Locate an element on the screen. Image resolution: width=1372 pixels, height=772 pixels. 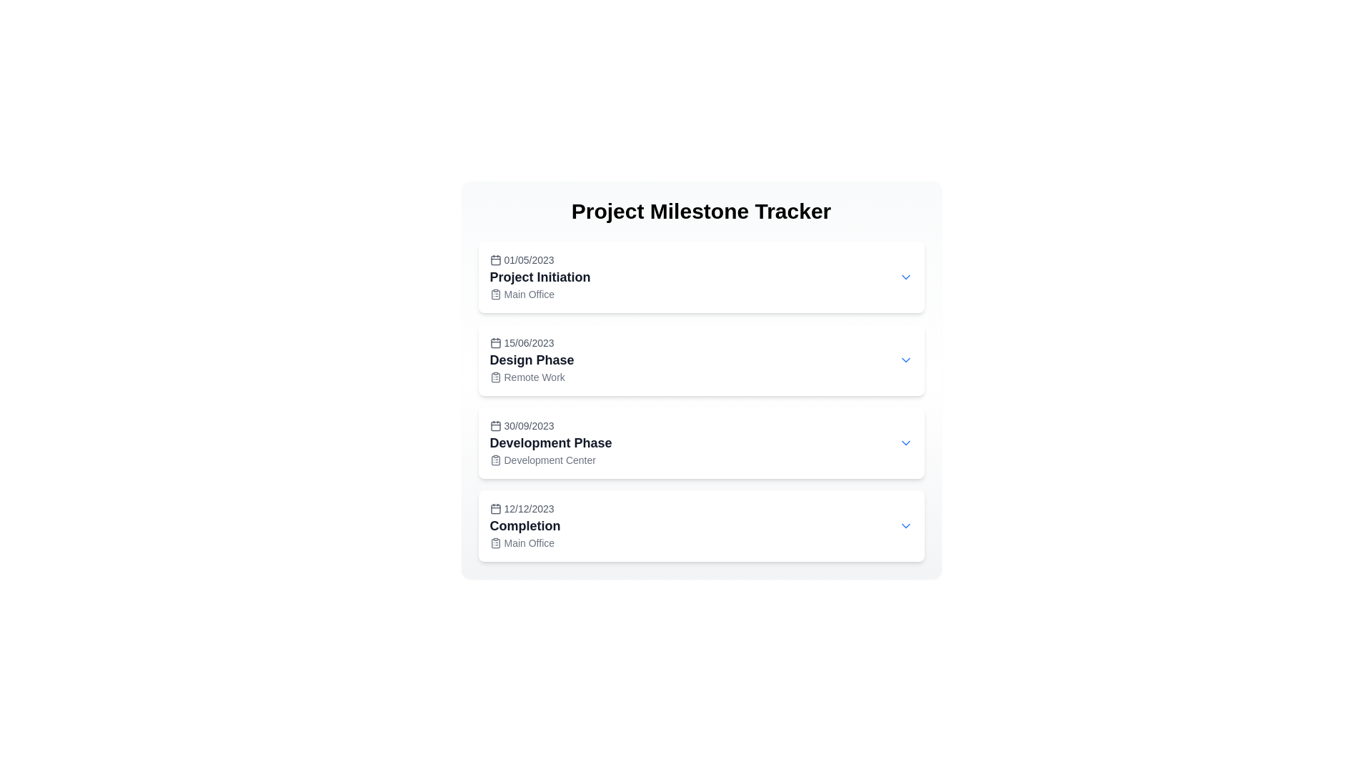
the decorative icon symbolizing the 'Main Office' location in the 'Project Milestone Tracker' list, positioned to the left of 'Main Office' is located at coordinates (495, 294).